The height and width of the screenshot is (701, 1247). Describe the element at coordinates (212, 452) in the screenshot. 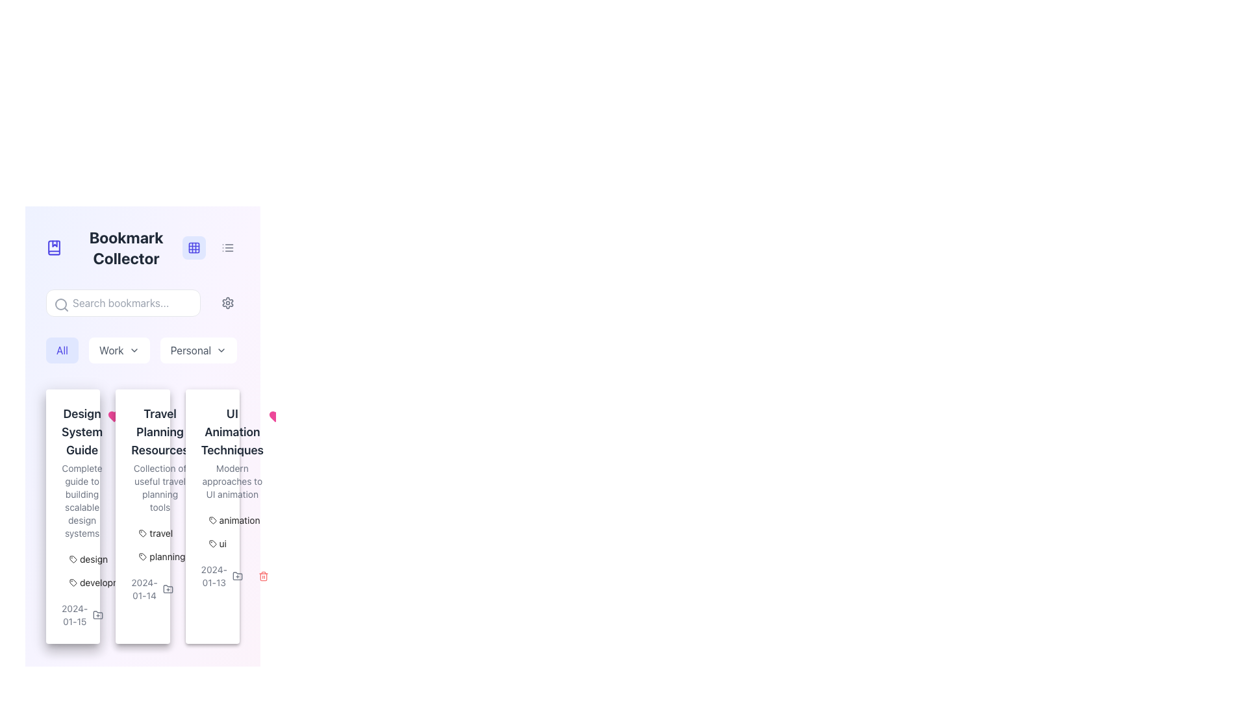

I see `title and subtitle text of the card item displaying 'UI Animation Techniques', located in the middle column of a three-column layout` at that location.